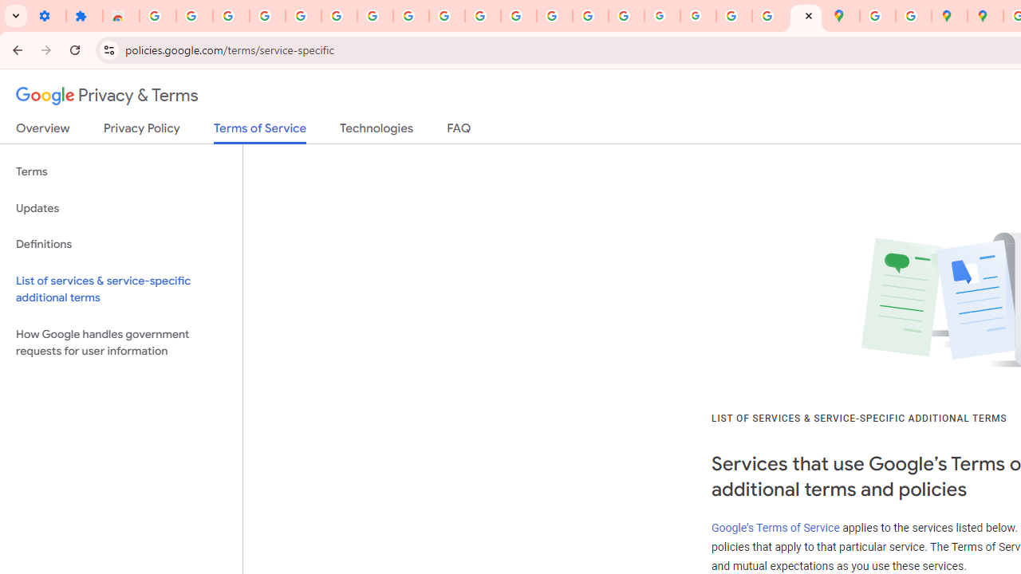 This screenshot has width=1021, height=574. What do you see at coordinates (231, 16) in the screenshot?
I see `'Delete photos & videos - Computer - Google Photos Help'` at bounding box center [231, 16].